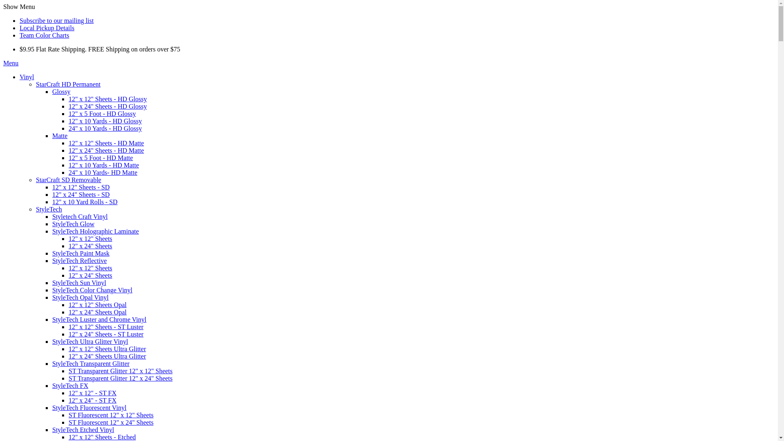 The width and height of the screenshot is (784, 441). Describe the element at coordinates (90, 275) in the screenshot. I see `'12" x 24" Sheets'` at that location.